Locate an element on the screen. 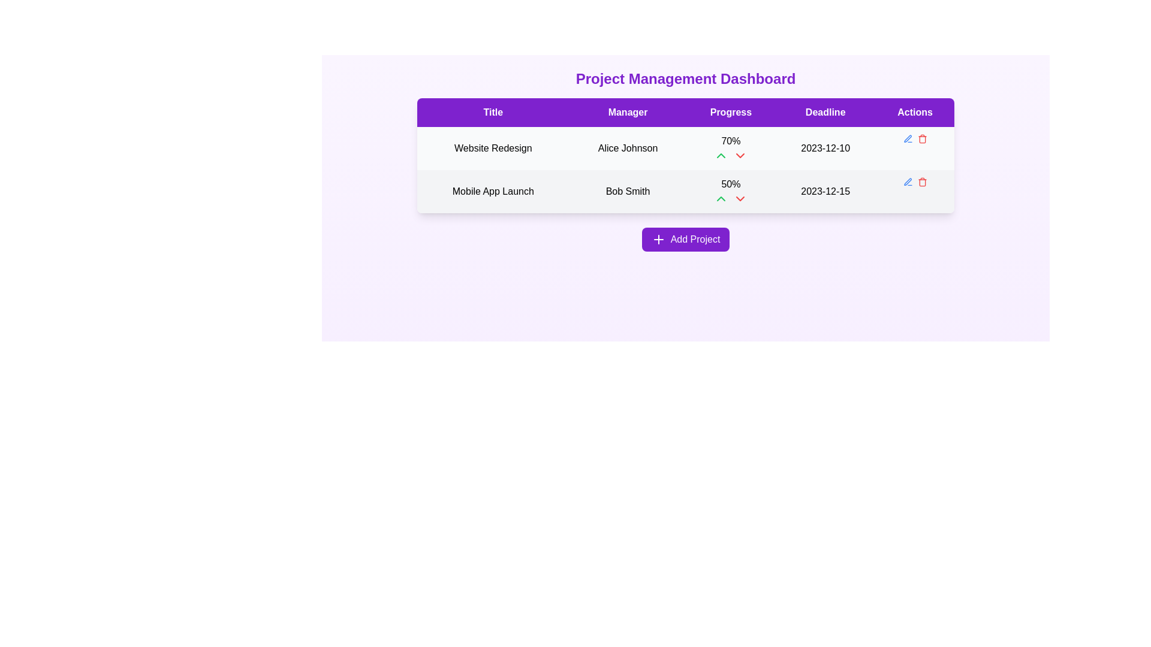 The width and height of the screenshot is (1151, 647). the second row of the project table is located at coordinates (685, 170).